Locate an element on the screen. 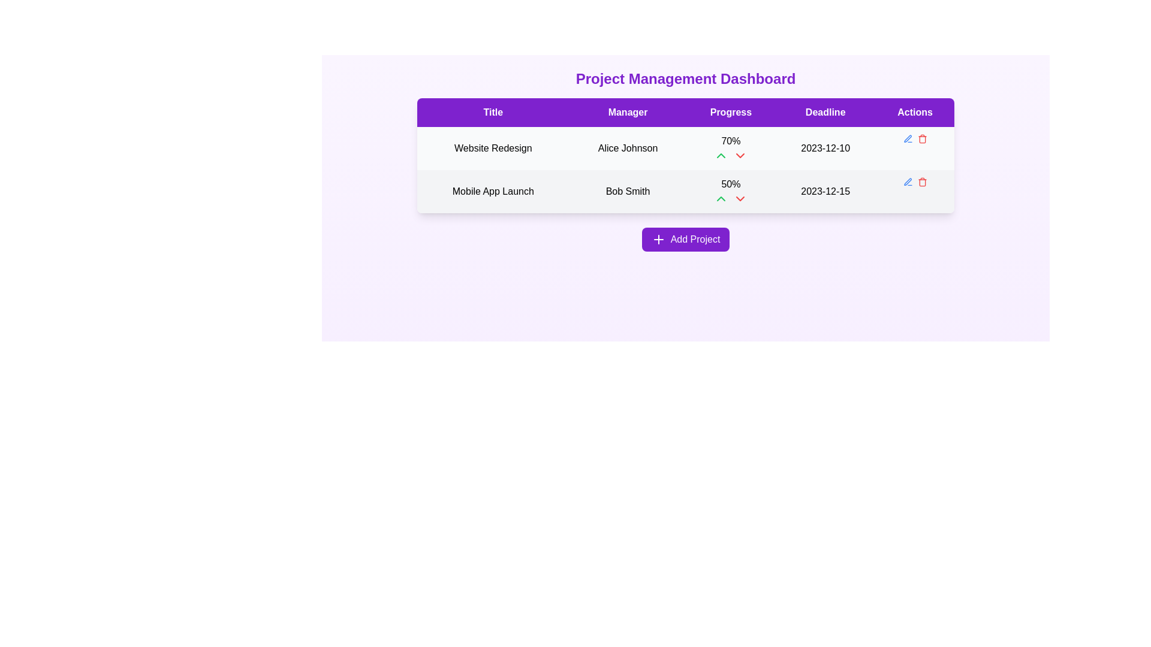 The width and height of the screenshot is (1151, 647). the second row of the project table is located at coordinates (685, 170).